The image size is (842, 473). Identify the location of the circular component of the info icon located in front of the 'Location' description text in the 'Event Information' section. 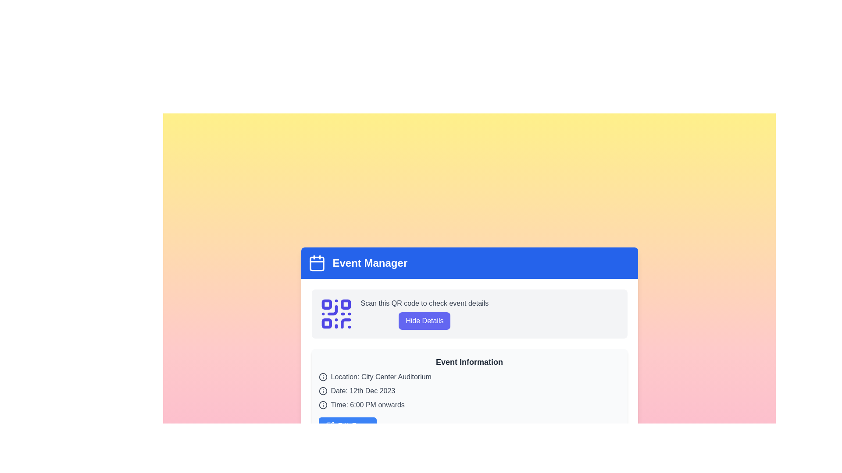
(322, 405).